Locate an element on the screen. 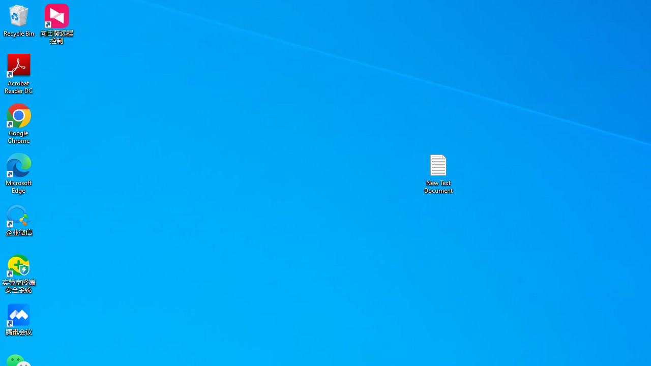 The height and width of the screenshot is (366, 651). 'New Text Document' is located at coordinates (438, 173).